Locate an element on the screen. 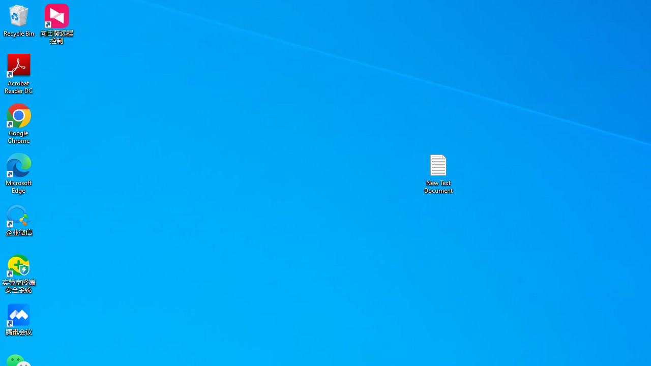 The height and width of the screenshot is (366, 651). 'New Text Document' is located at coordinates (438, 173).